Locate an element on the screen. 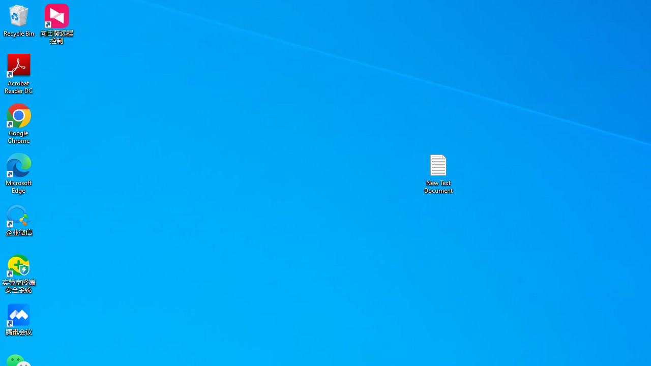 The height and width of the screenshot is (366, 651). 'New Text Document' is located at coordinates (438, 173).